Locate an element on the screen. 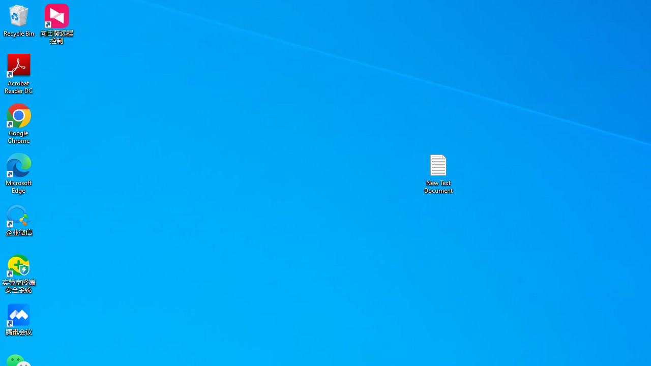 The height and width of the screenshot is (366, 651). 'New Text Document' is located at coordinates (438, 173).